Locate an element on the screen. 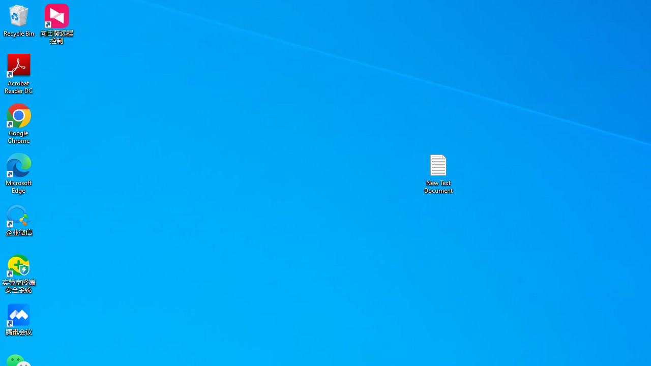 The height and width of the screenshot is (366, 651). 'New Text Document' is located at coordinates (438, 173).